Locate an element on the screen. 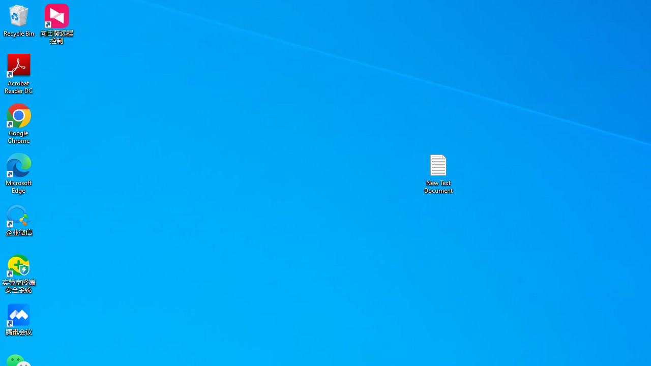 The height and width of the screenshot is (366, 651). 'New Text Document' is located at coordinates (438, 173).